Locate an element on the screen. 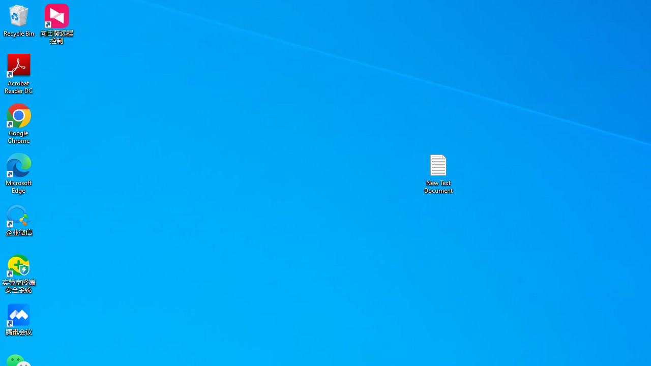 The height and width of the screenshot is (366, 651). 'New Text Document' is located at coordinates (438, 173).